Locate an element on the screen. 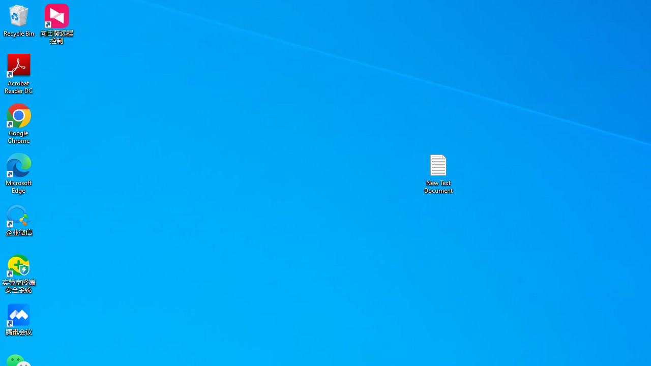 The height and width of the screenshot is (366, 651). 'New Text Document' is located at coordinates (438, 173).